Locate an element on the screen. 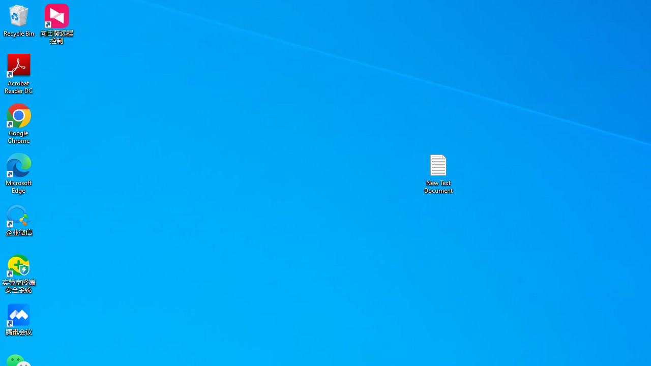 The height and width of the screenshot is (366, 651). 'New Text Document' is located at coordinates (438, 173).